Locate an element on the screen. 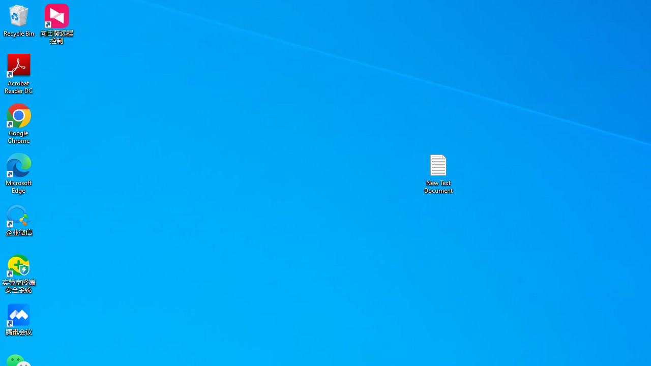 The height and width of the screenshot is (366, 651). 'New Text Document' is located at coordinates (438, 173).